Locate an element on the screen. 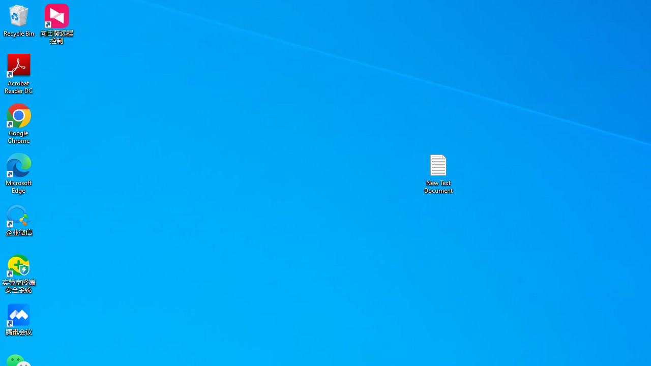 The height and width of the screenshot is (366, 651). 'New Text Document' is located at coordinates (438, 173).